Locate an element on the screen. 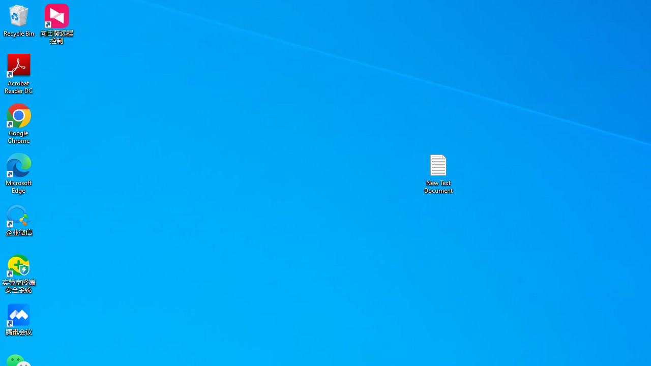 The height and width of the screenshot is (366, 651). 'New Text Document' is located at coordinates (438, 173).